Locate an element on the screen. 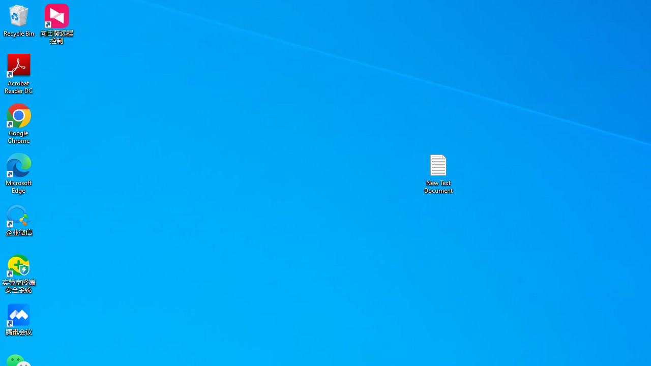 The height and width of the screenshot is (366, 651). 'New Text Document' is located at coordinates (438, 173).